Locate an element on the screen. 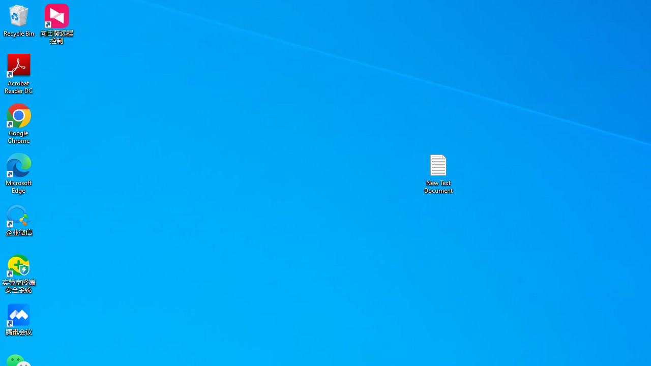 The height and width of the screenshot is (366, 651). 'New Text Document' is located at coordinates (438, 173).